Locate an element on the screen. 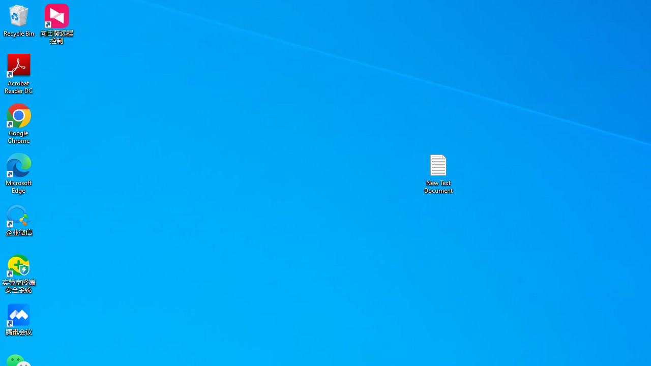 The height and width of the screenshot is (366, 651). 'New Text Document' is located at coordinates (438, 173).